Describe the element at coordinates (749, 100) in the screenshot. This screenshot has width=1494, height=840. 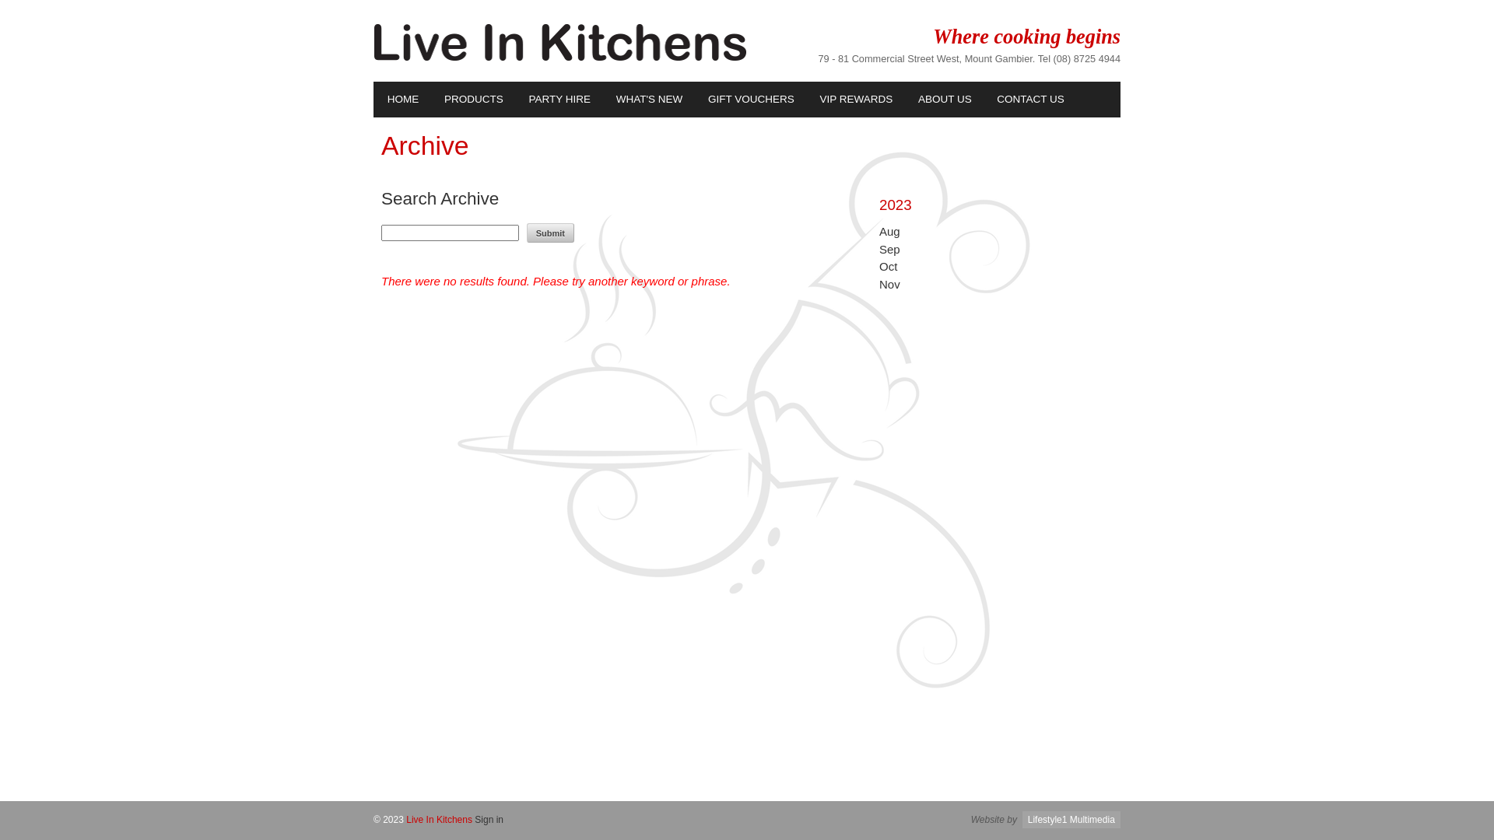
I see `'GIFT VOUCHERS'` at that location.